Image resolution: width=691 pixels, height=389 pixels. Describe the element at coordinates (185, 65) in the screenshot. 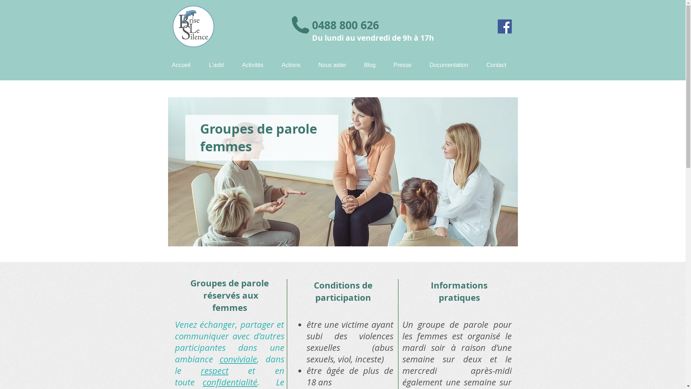

I see `'Accueil'` at that location.